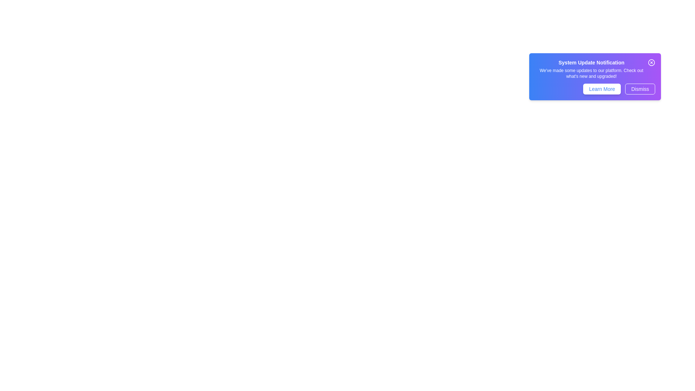 This screenshot has width=695, height=391. Describe the element at coordinates (652, 62) in the screenshot. I see `the dismiss button located in the top-right corner of the notification box` at that location.